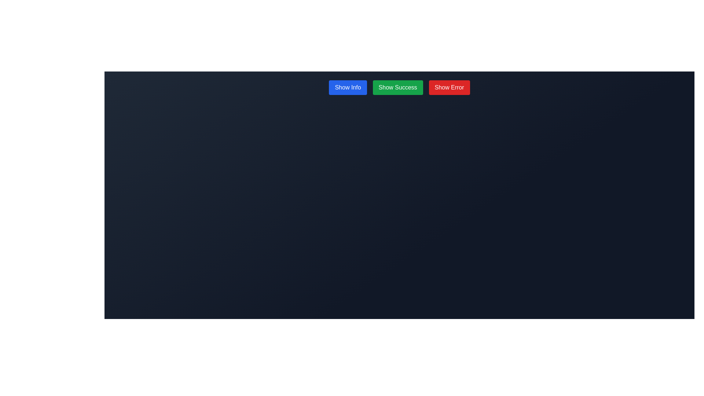  I want to click on the success button located centrally between the 'Show Info' button and the 'Show Error' button, so click(397, 87).